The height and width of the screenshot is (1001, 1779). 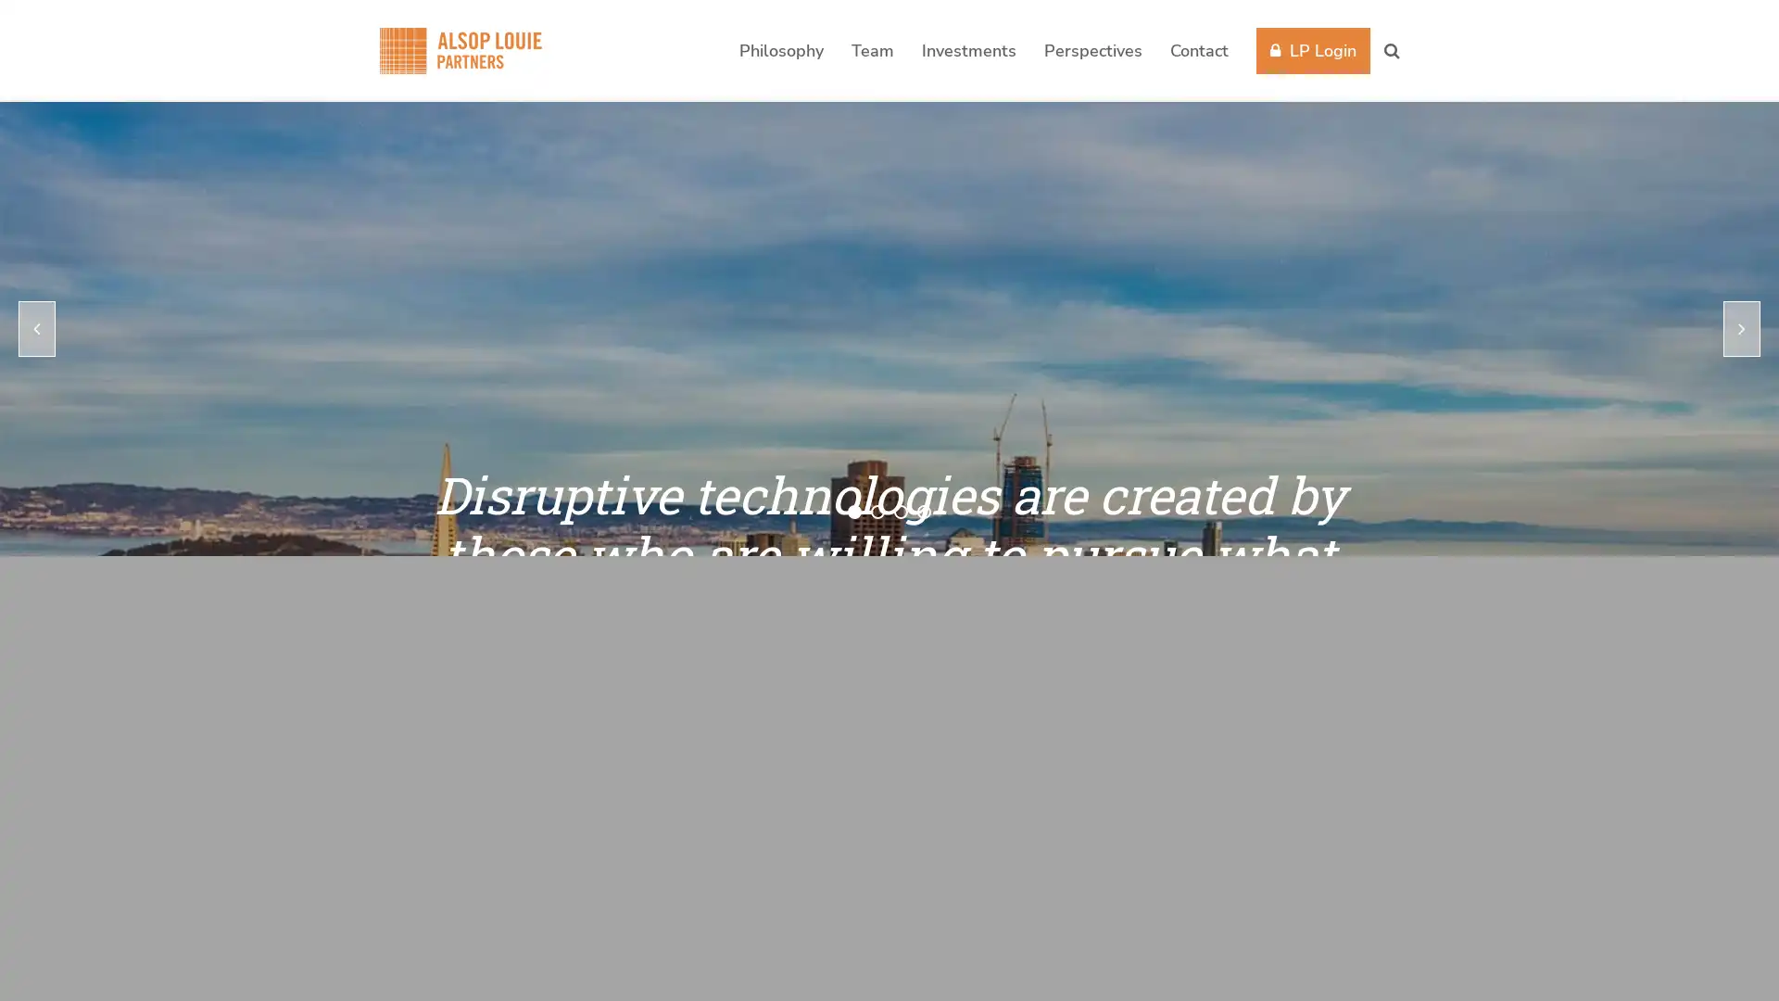 What do you see at coordinates (1741, 550) in the screenshot?
I see `next slide` at bounding box center [1741, 550].